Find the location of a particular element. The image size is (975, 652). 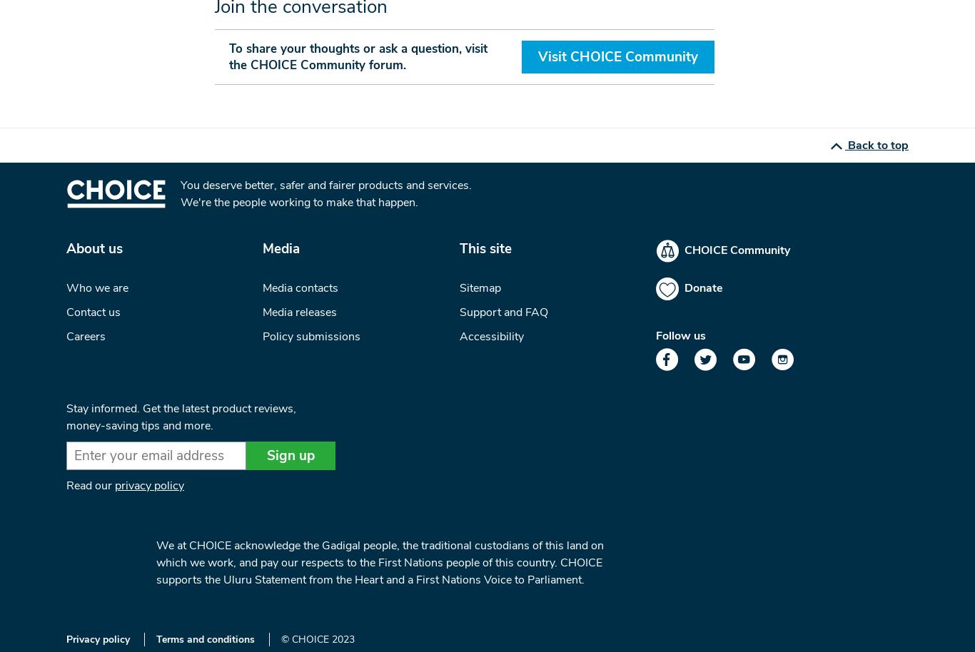

'Privacy policy' is located at coordinates (97, 638).